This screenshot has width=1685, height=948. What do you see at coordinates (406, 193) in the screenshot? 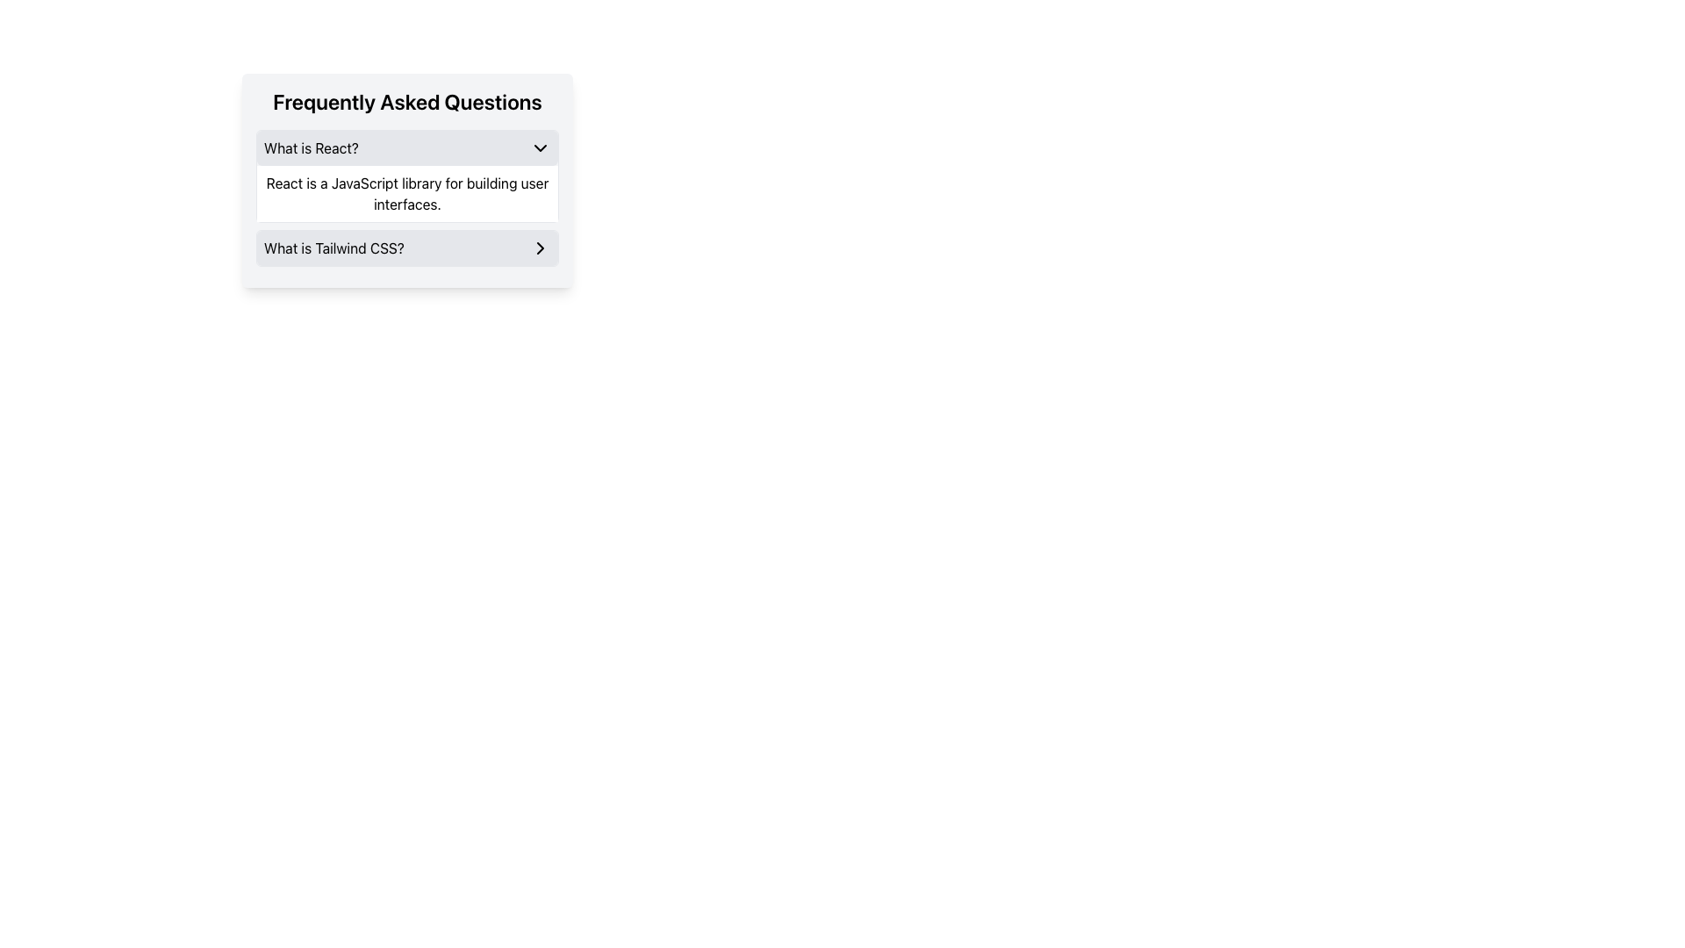
I see `the informational text about the React library located in the FAQ section under 'What is React?'` at bounding box center [406, 193].